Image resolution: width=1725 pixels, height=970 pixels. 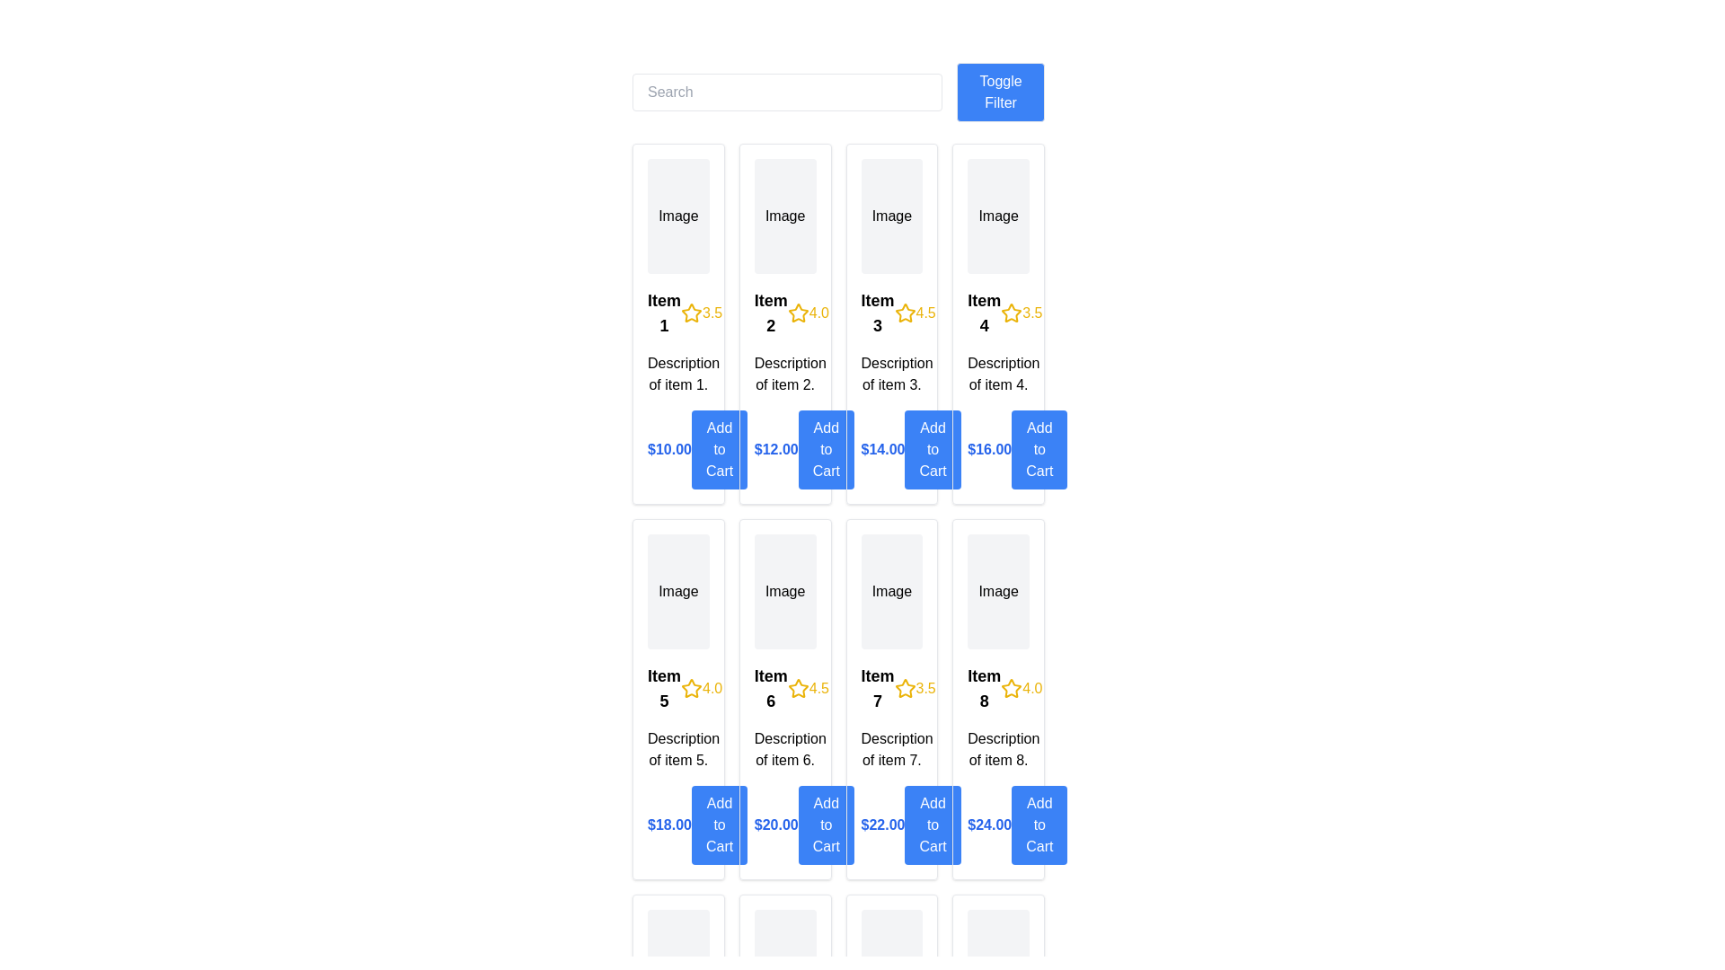 What do you see at coordinates (691, 312) in the screenshot?
I see `the leftmost star icon with a yellow outline next to the text '3.5' in the rating component for 'Item 1'` at bounding box center [691, 312].